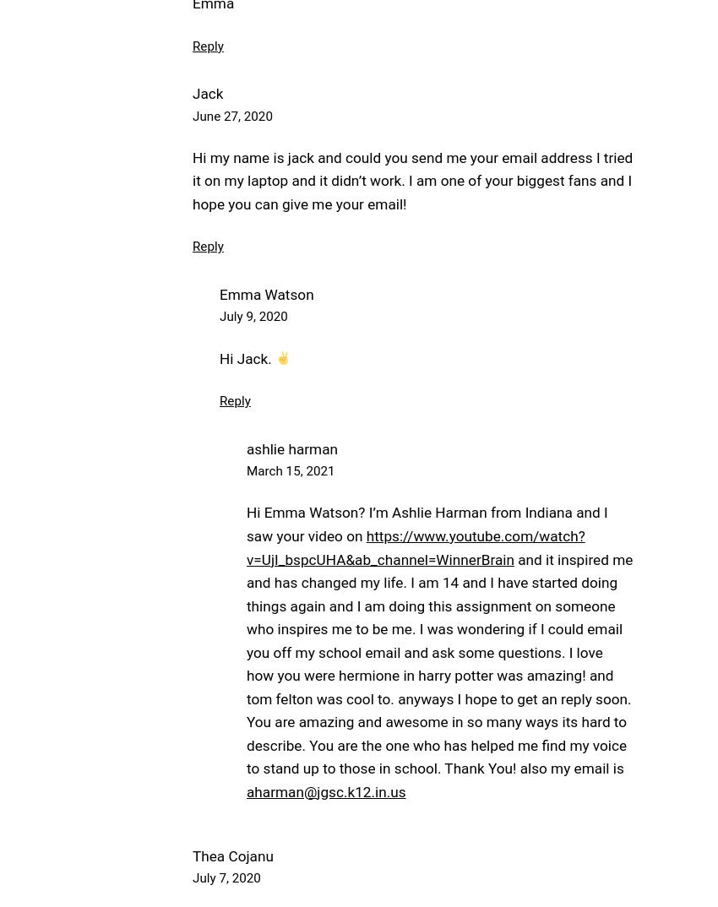 The image size is (718, 907). I want to click on 'https://www.youtube.com/watch?v=UjI_bspcUHA&ab_channel=WinnerBrain', so click(415, 546).